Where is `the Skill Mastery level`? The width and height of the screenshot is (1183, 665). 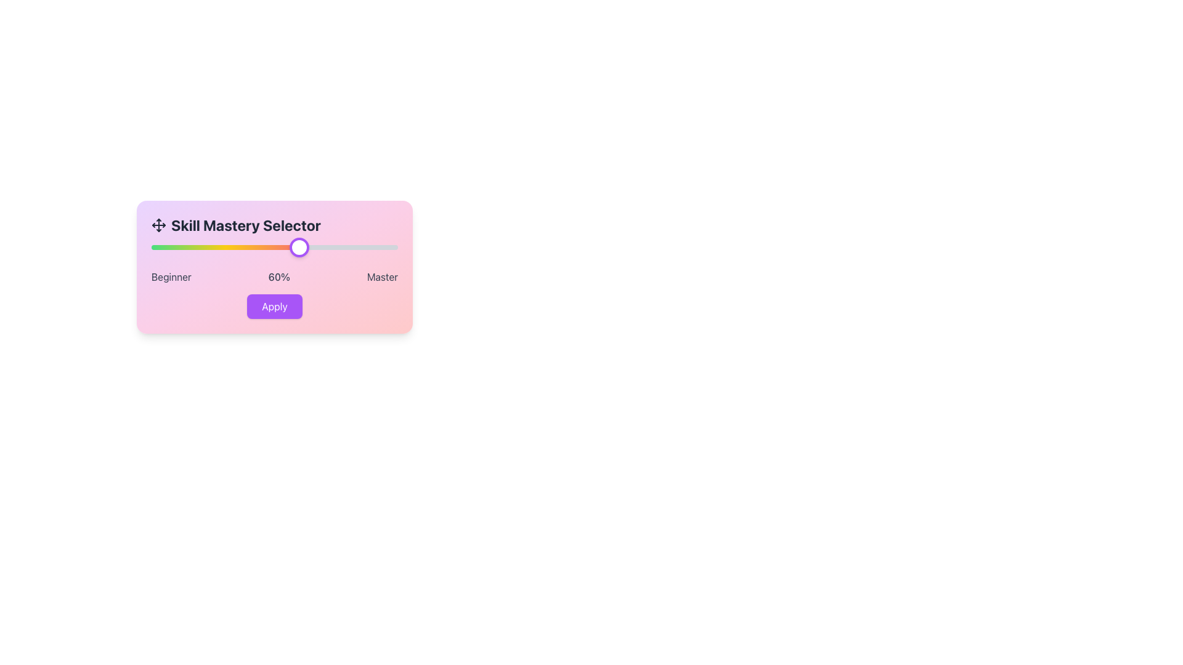
the Skill Mastery level is located at coordinates (216, 247).